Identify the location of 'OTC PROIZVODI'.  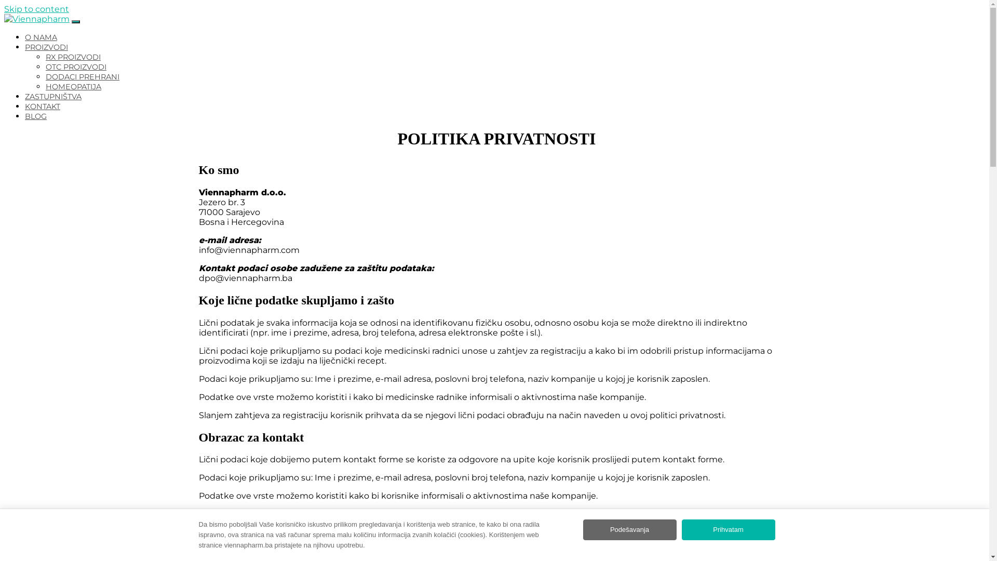
(75, 66).